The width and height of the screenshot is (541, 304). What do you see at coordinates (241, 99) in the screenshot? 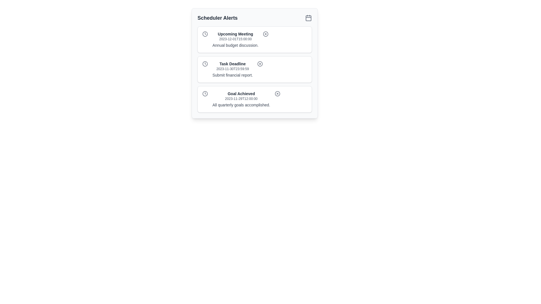
I see `the timestamp text display located in the 'Goal Achieved' card within the 'Scheduler Alerts' section` at bounding box center [241, 99].